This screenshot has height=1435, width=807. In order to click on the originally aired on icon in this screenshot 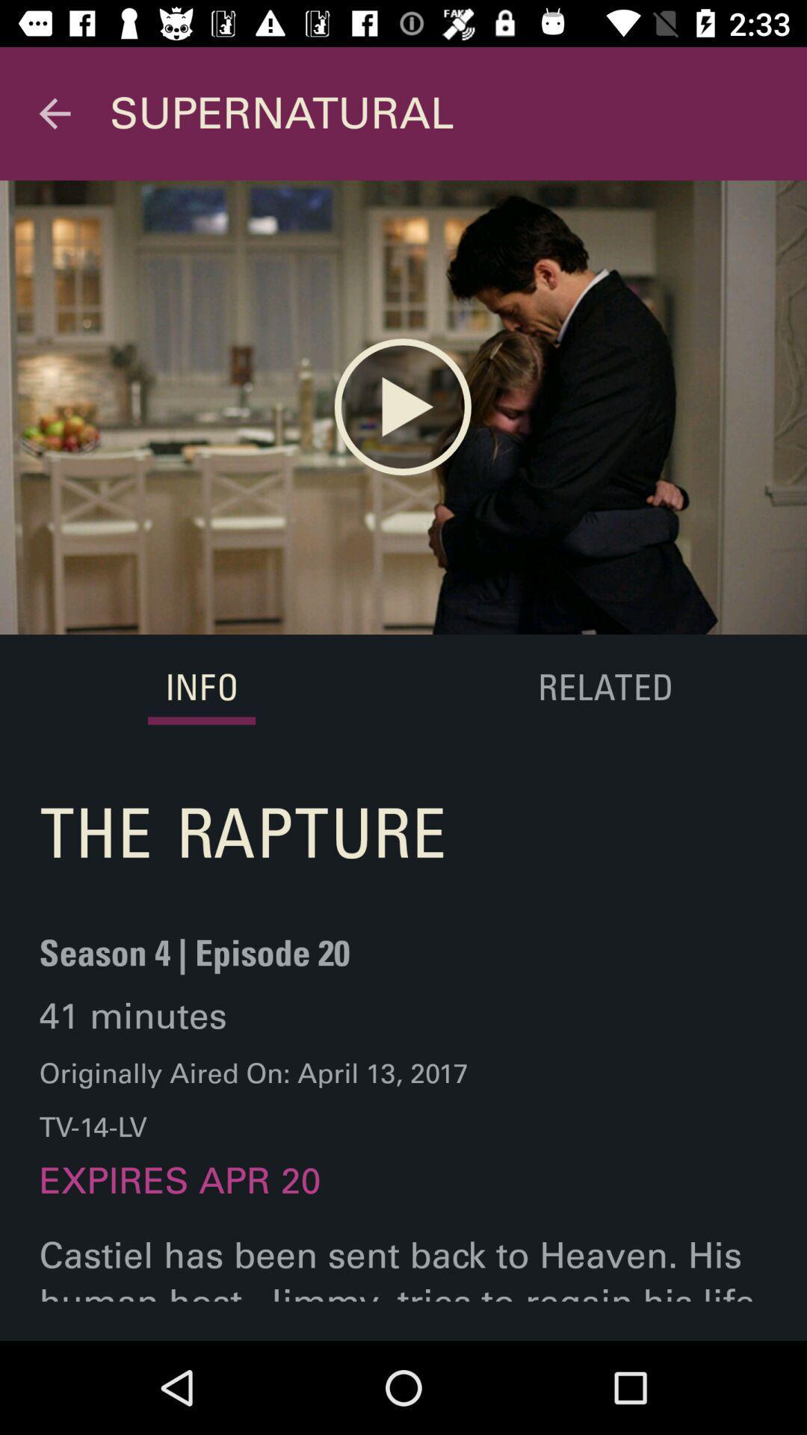, I will do `click(253, 1100)`.